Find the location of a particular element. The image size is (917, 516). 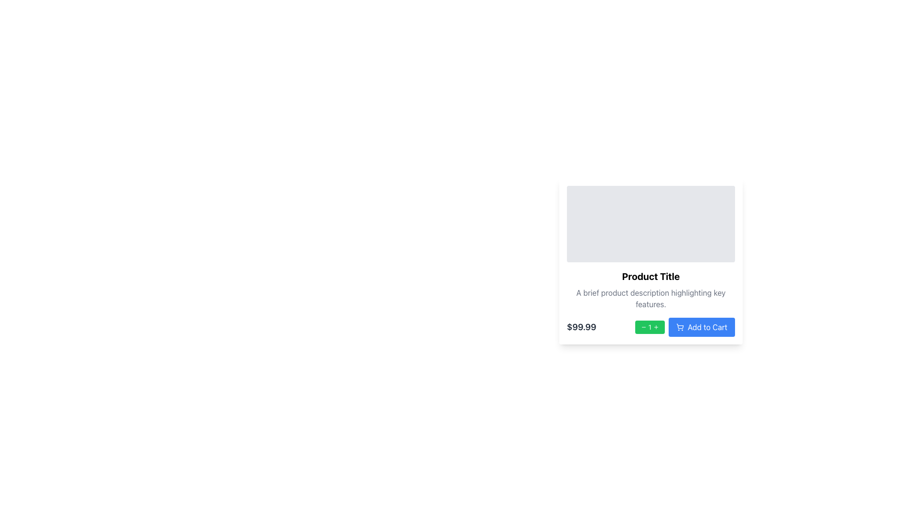

the 'Add to Cart' button, which has a blue background and white text with a shopping cart icon, to potentially see additional information or a tooltip is located at coordinates (684, 327).